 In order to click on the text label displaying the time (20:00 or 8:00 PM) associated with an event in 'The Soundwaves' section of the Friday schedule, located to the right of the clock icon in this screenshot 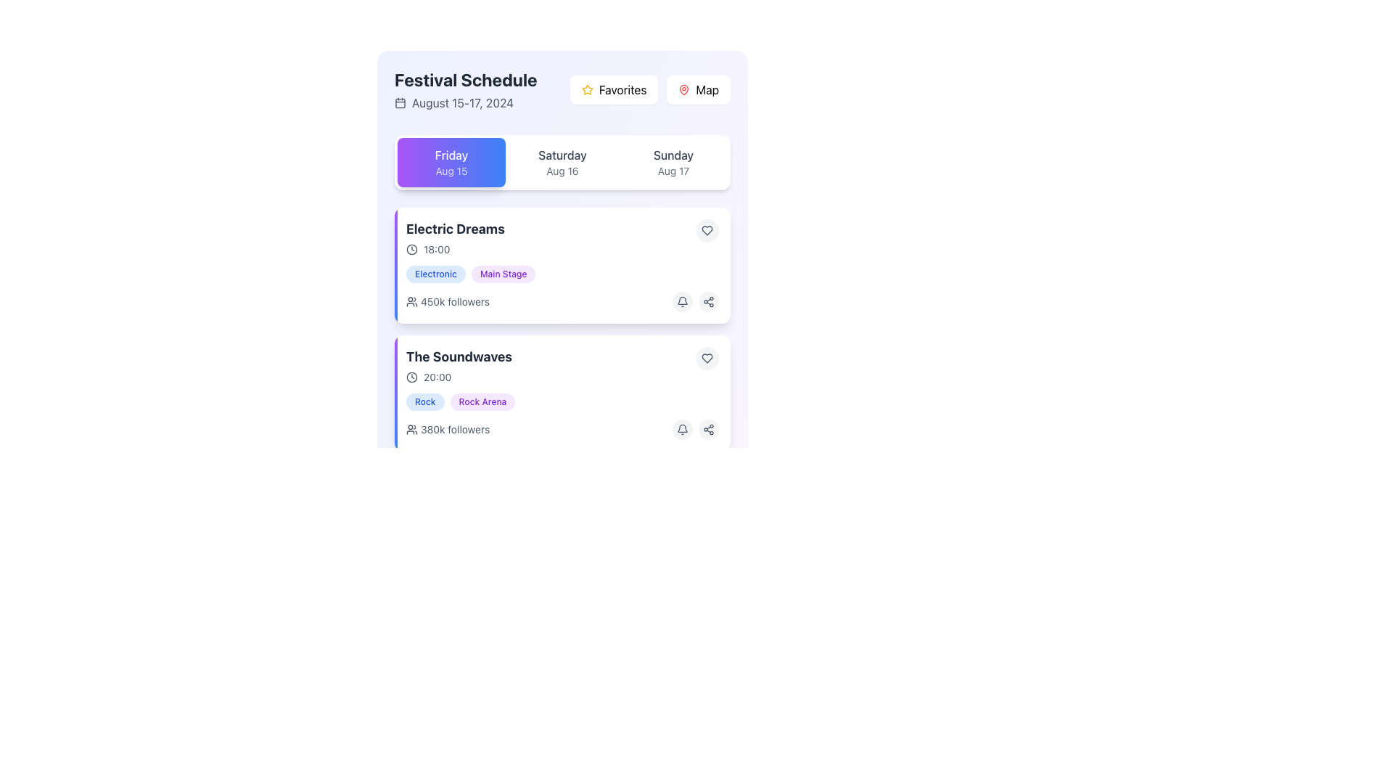, I will do `click(437, 377)`.